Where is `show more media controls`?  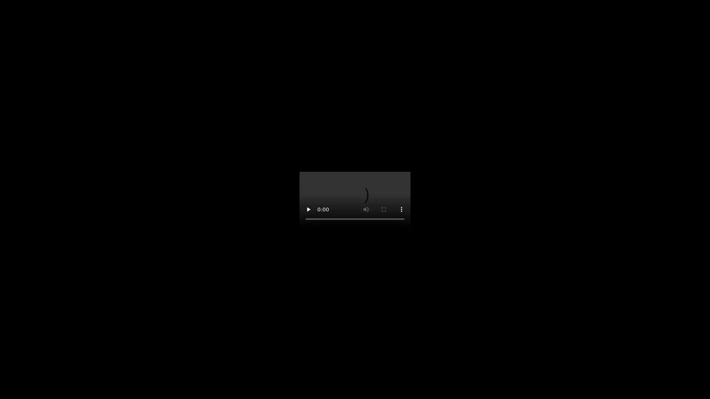 show more media controls is located at coordinates (401, 209).